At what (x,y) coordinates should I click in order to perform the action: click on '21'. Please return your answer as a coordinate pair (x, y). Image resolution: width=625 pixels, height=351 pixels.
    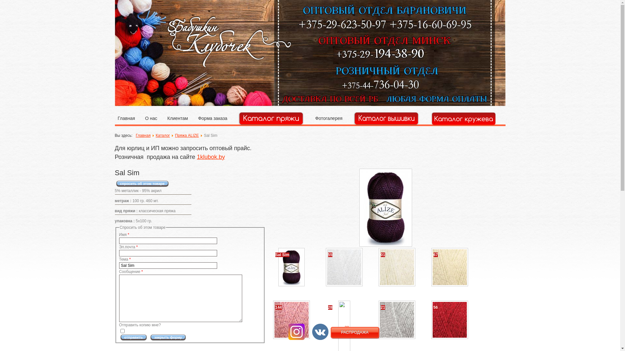
    Looking at the image, I should click on (378, 319).